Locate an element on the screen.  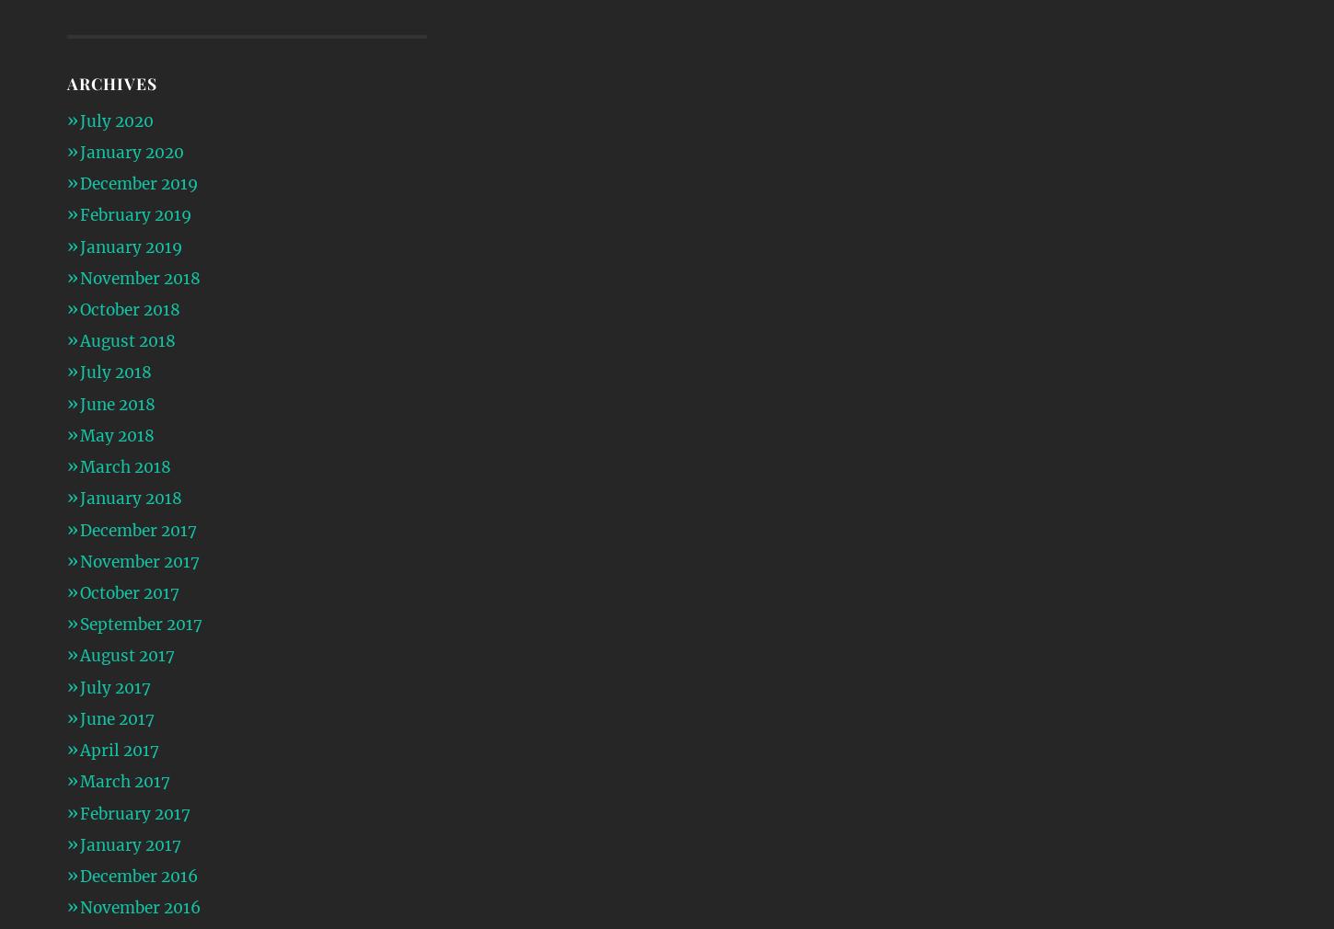
'July 2017' is located at coordinates (113, 685).